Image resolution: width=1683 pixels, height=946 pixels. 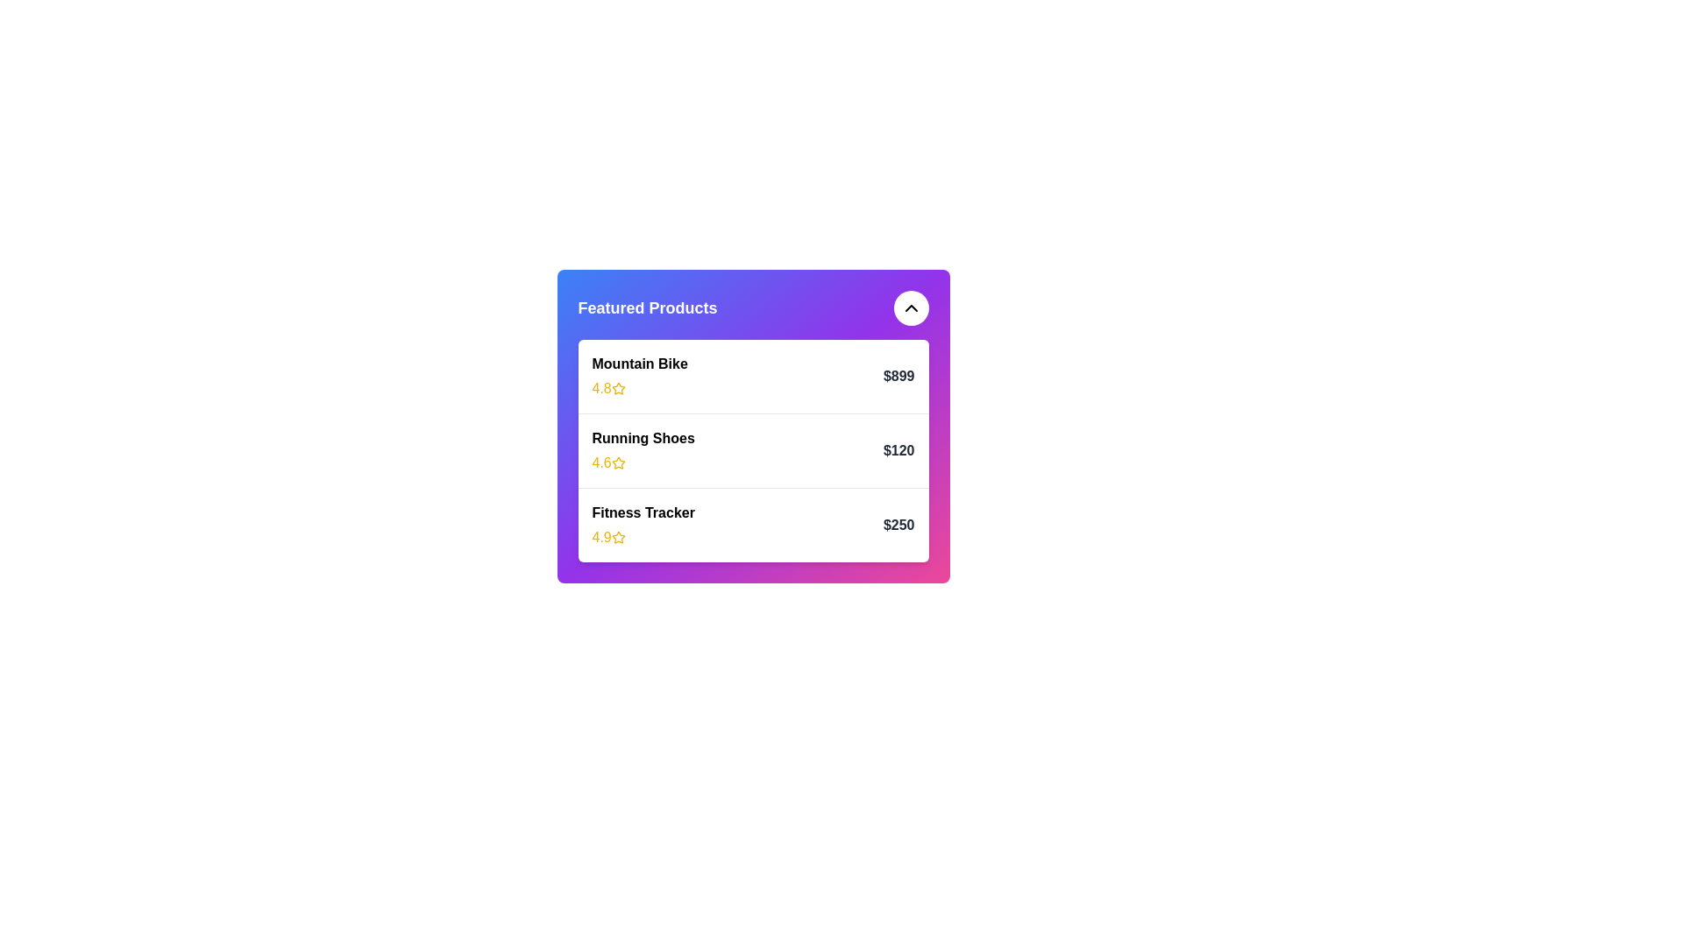 What do you see at coordinates (618, 462) in the screenshot?
I see `the yellow star icon adjacent to the '4.6' rating text for the 'Running Shoes' entry in the product list` at bounding box center [618, 462].